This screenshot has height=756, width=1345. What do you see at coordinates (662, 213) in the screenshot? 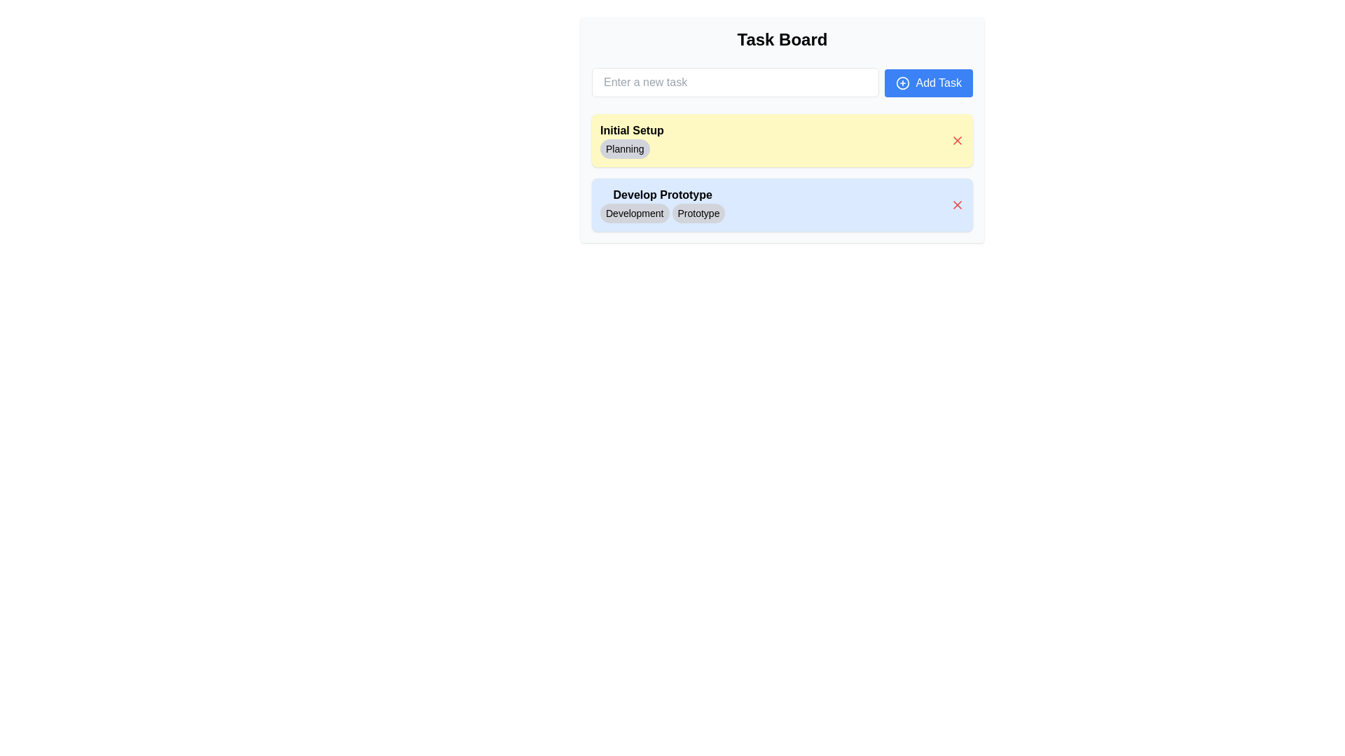
I see `the Tag group that visually indicates the tags associated with the task titled 'Develop Prototype', located at the bottom right of the task entry area, next to the delete button` at bounding box center [662, 213].